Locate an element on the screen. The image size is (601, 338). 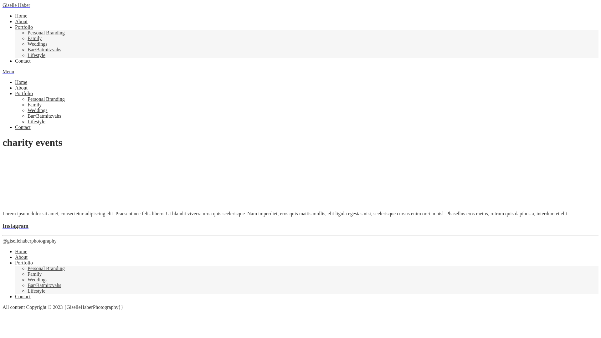
'Bar/Batmitzvahs' is located at coordinates (27, 116).